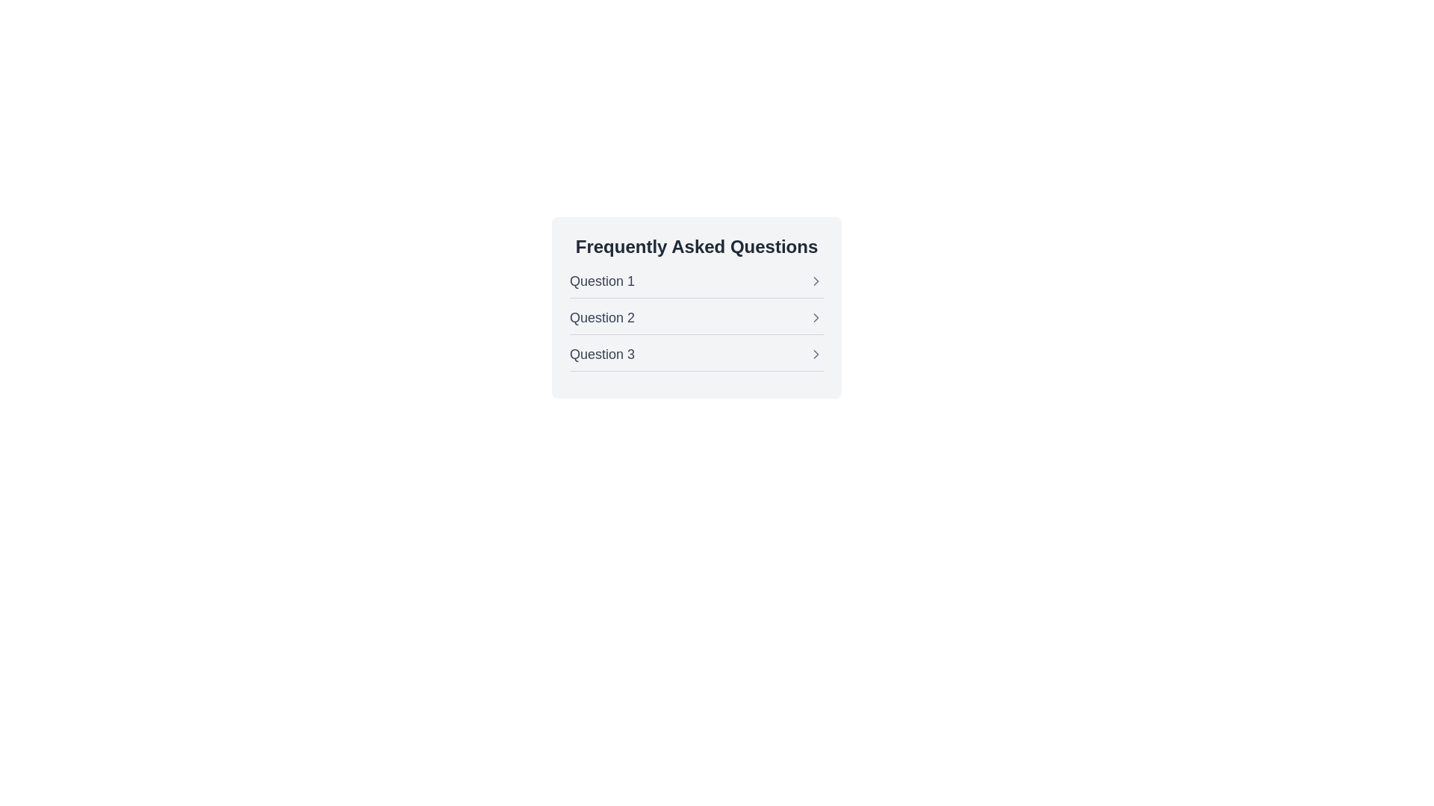 The height and width of the screenshot is (806, 1434). I want to click on the second question item labeled 'Question 2' in the 'Frequently Asked Questions' section, so click(695, 307).